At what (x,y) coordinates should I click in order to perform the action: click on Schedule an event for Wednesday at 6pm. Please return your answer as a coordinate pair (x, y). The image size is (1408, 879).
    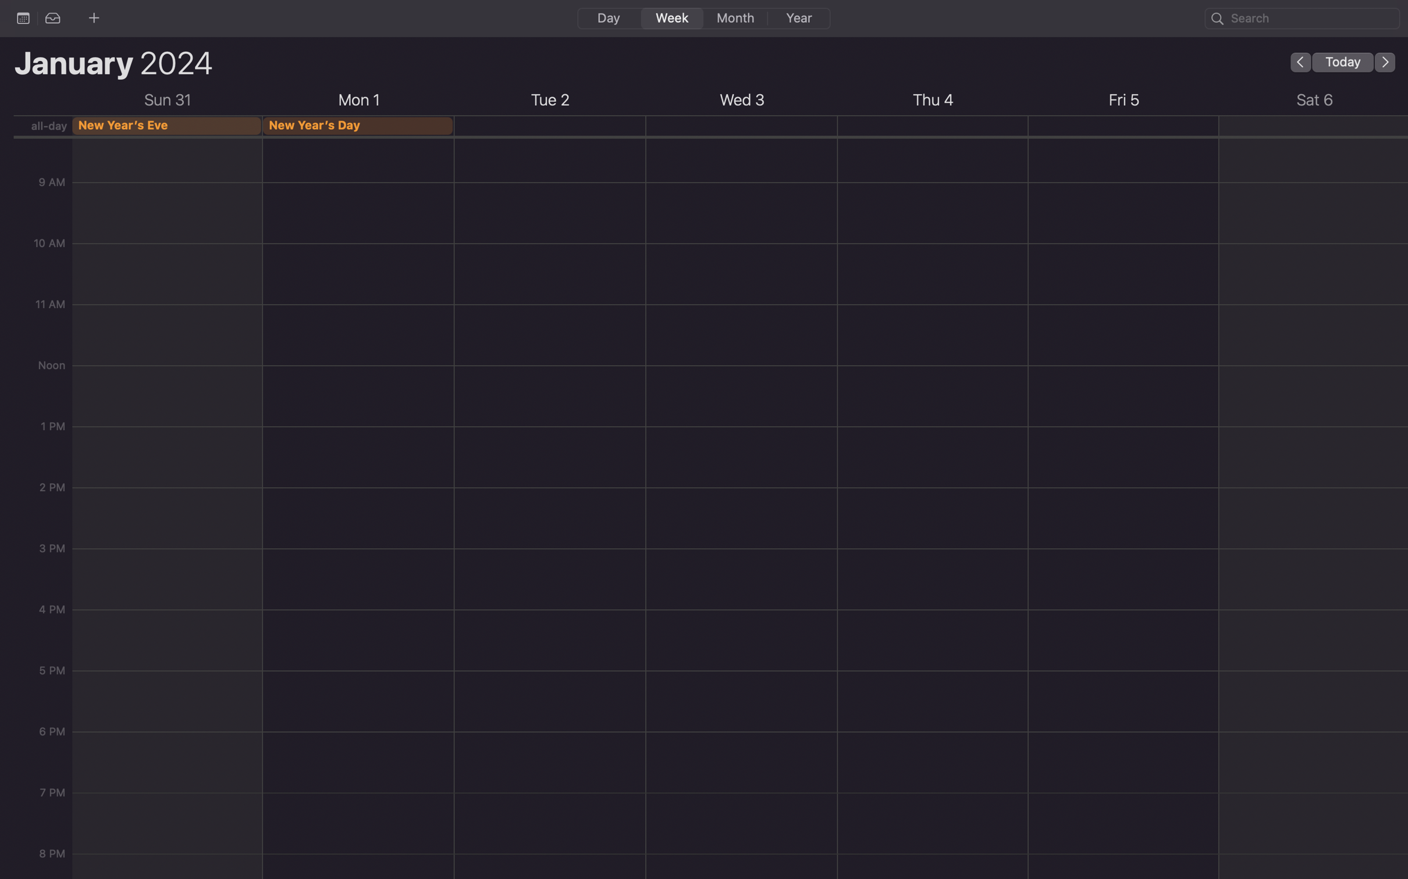
    Looking at the image, I should click on (744, 751).